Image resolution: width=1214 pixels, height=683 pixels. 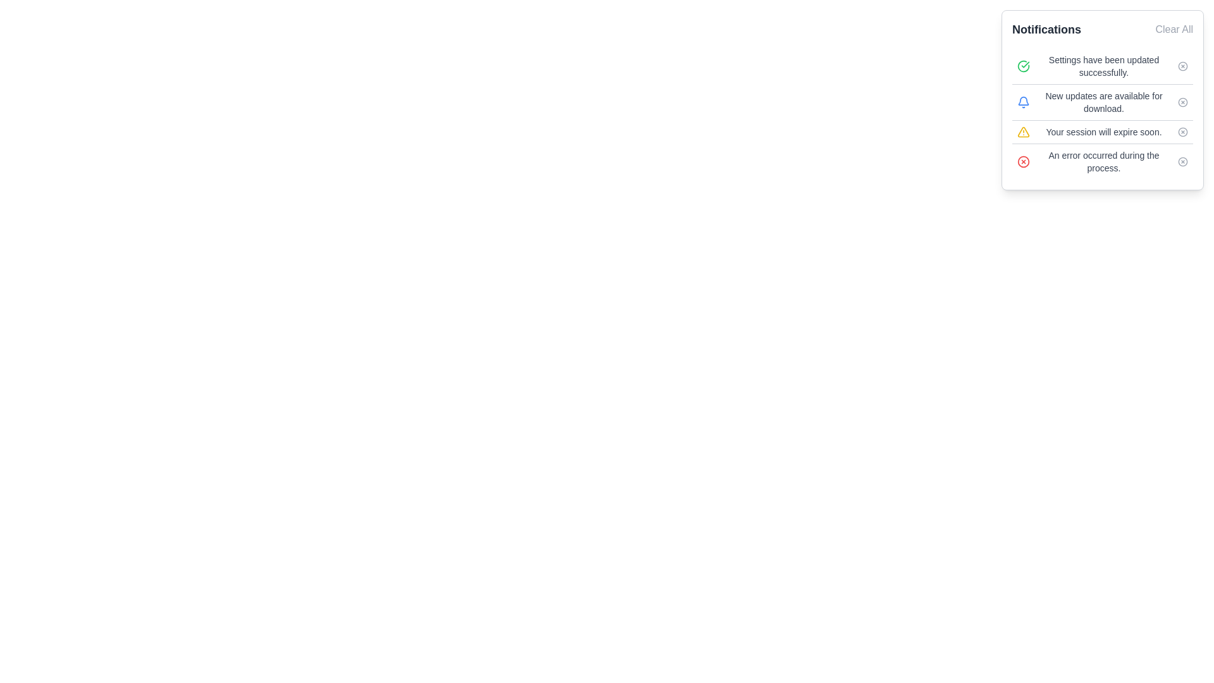 What do you see at coordinates (1101, 101) in the screenshot?
I see `the second notification item in the 'Notifications' section, which features a blue bell icon on the left and an 'X' icon on the right` at bounding box center [1101, 101].